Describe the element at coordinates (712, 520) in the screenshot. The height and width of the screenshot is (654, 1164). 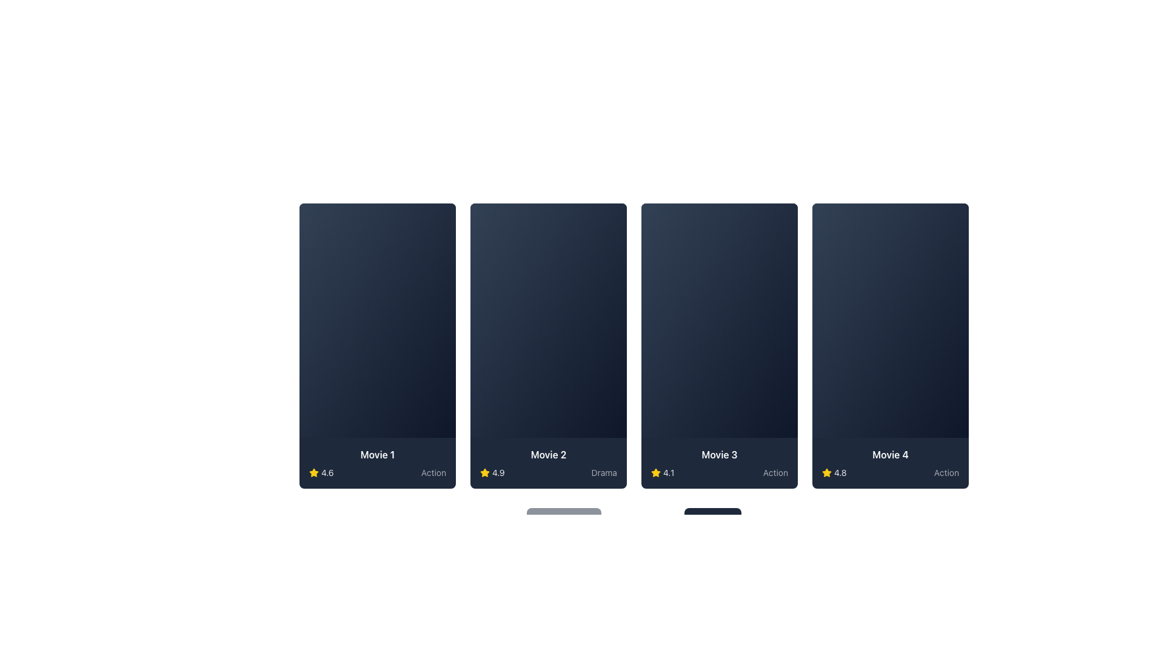
I see `the 'Next' button, which is a rectangular button with dark slate color and white text, located to the right of the 'Page 1 of 10' text element` at that location.